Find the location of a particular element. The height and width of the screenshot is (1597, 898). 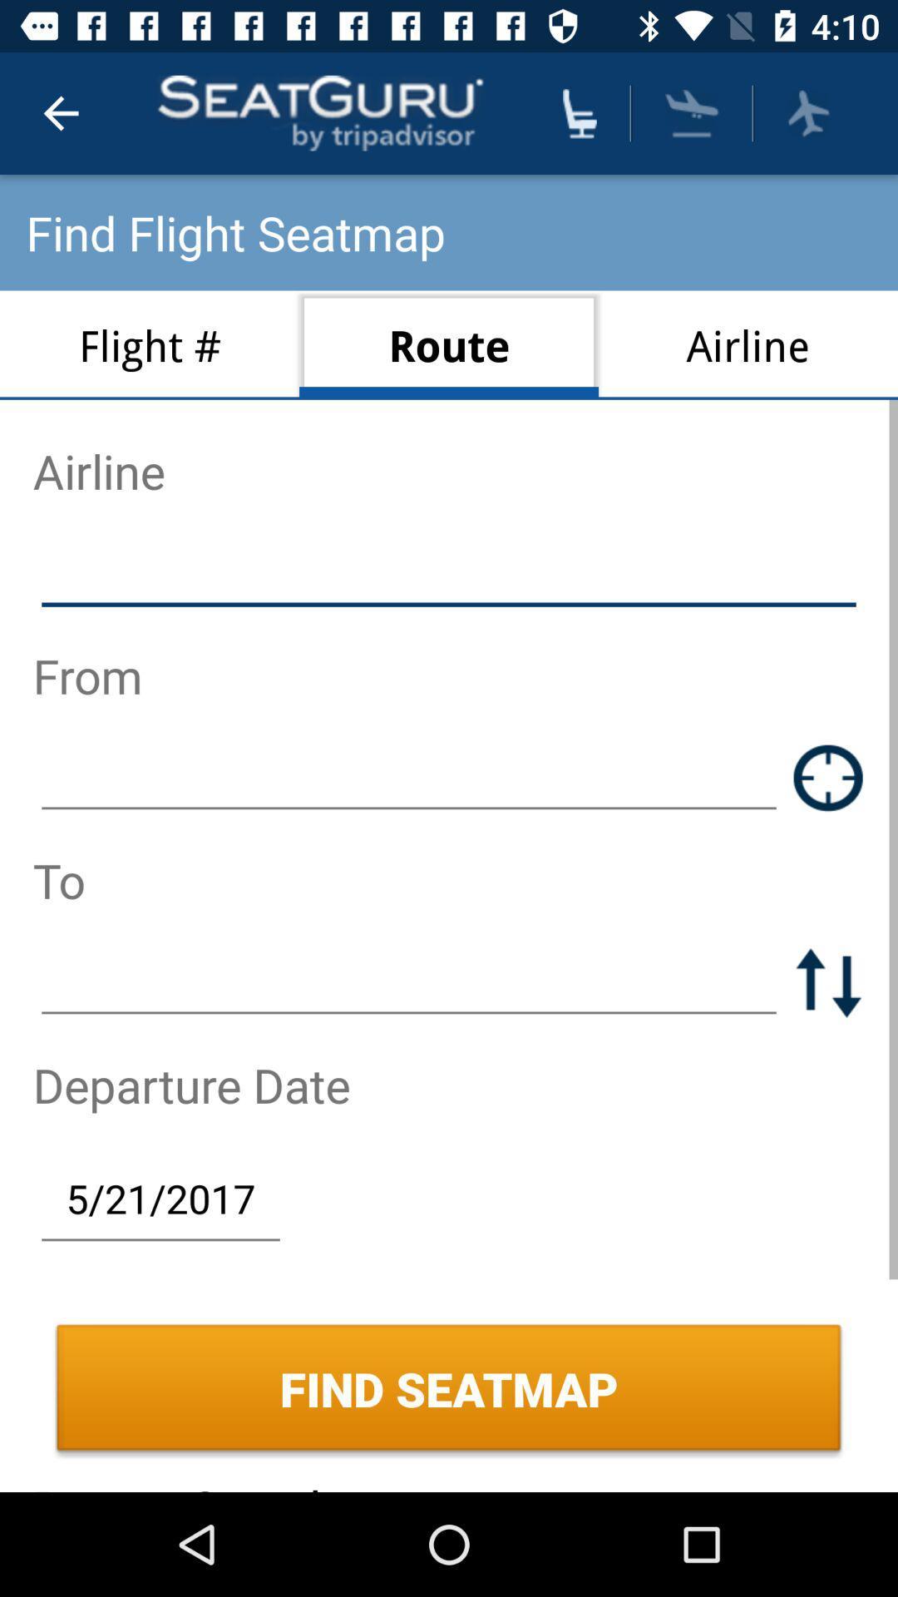

item above airline icon is located at coordinates (807, 112).